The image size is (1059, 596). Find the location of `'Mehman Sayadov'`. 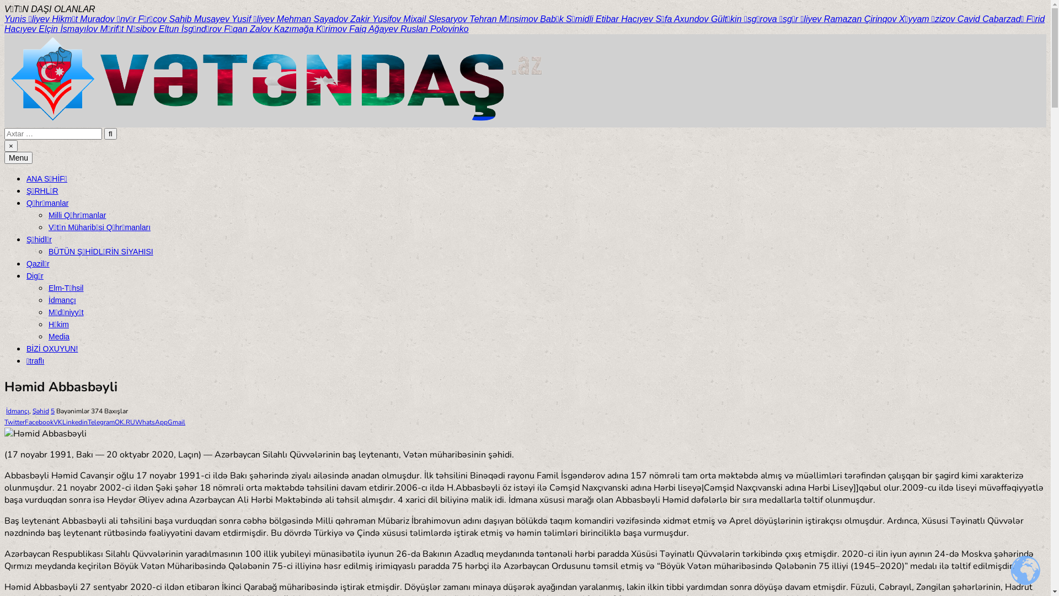

'Mehman Sayadov' is located at coordinates (277, 19).